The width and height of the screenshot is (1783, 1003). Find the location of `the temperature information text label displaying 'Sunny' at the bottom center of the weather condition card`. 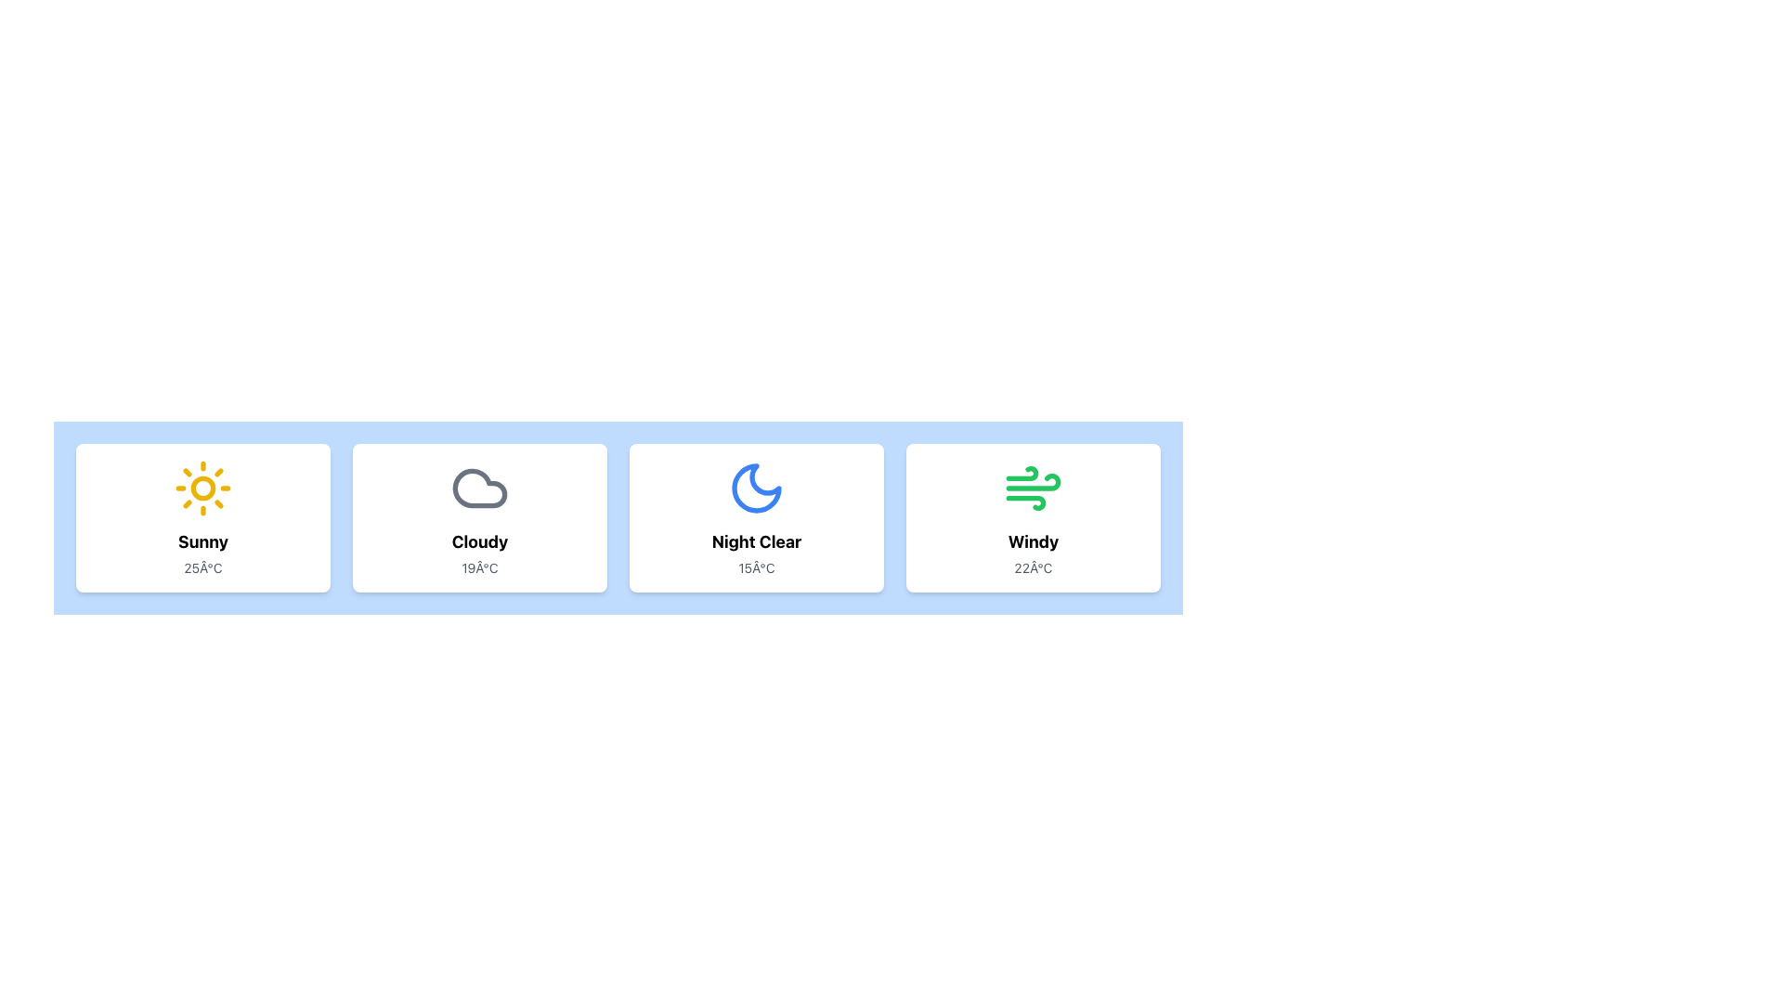

the temperature information text label displaying 'Sunny' at the bottom center of the weather condition card is located at coordinates (203, 567).